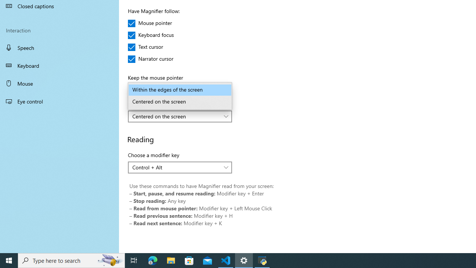  Describe the element at coordinates (225, 260) in the screenshot. I see `'Visual Studio Code - 1 running window'` at that location.